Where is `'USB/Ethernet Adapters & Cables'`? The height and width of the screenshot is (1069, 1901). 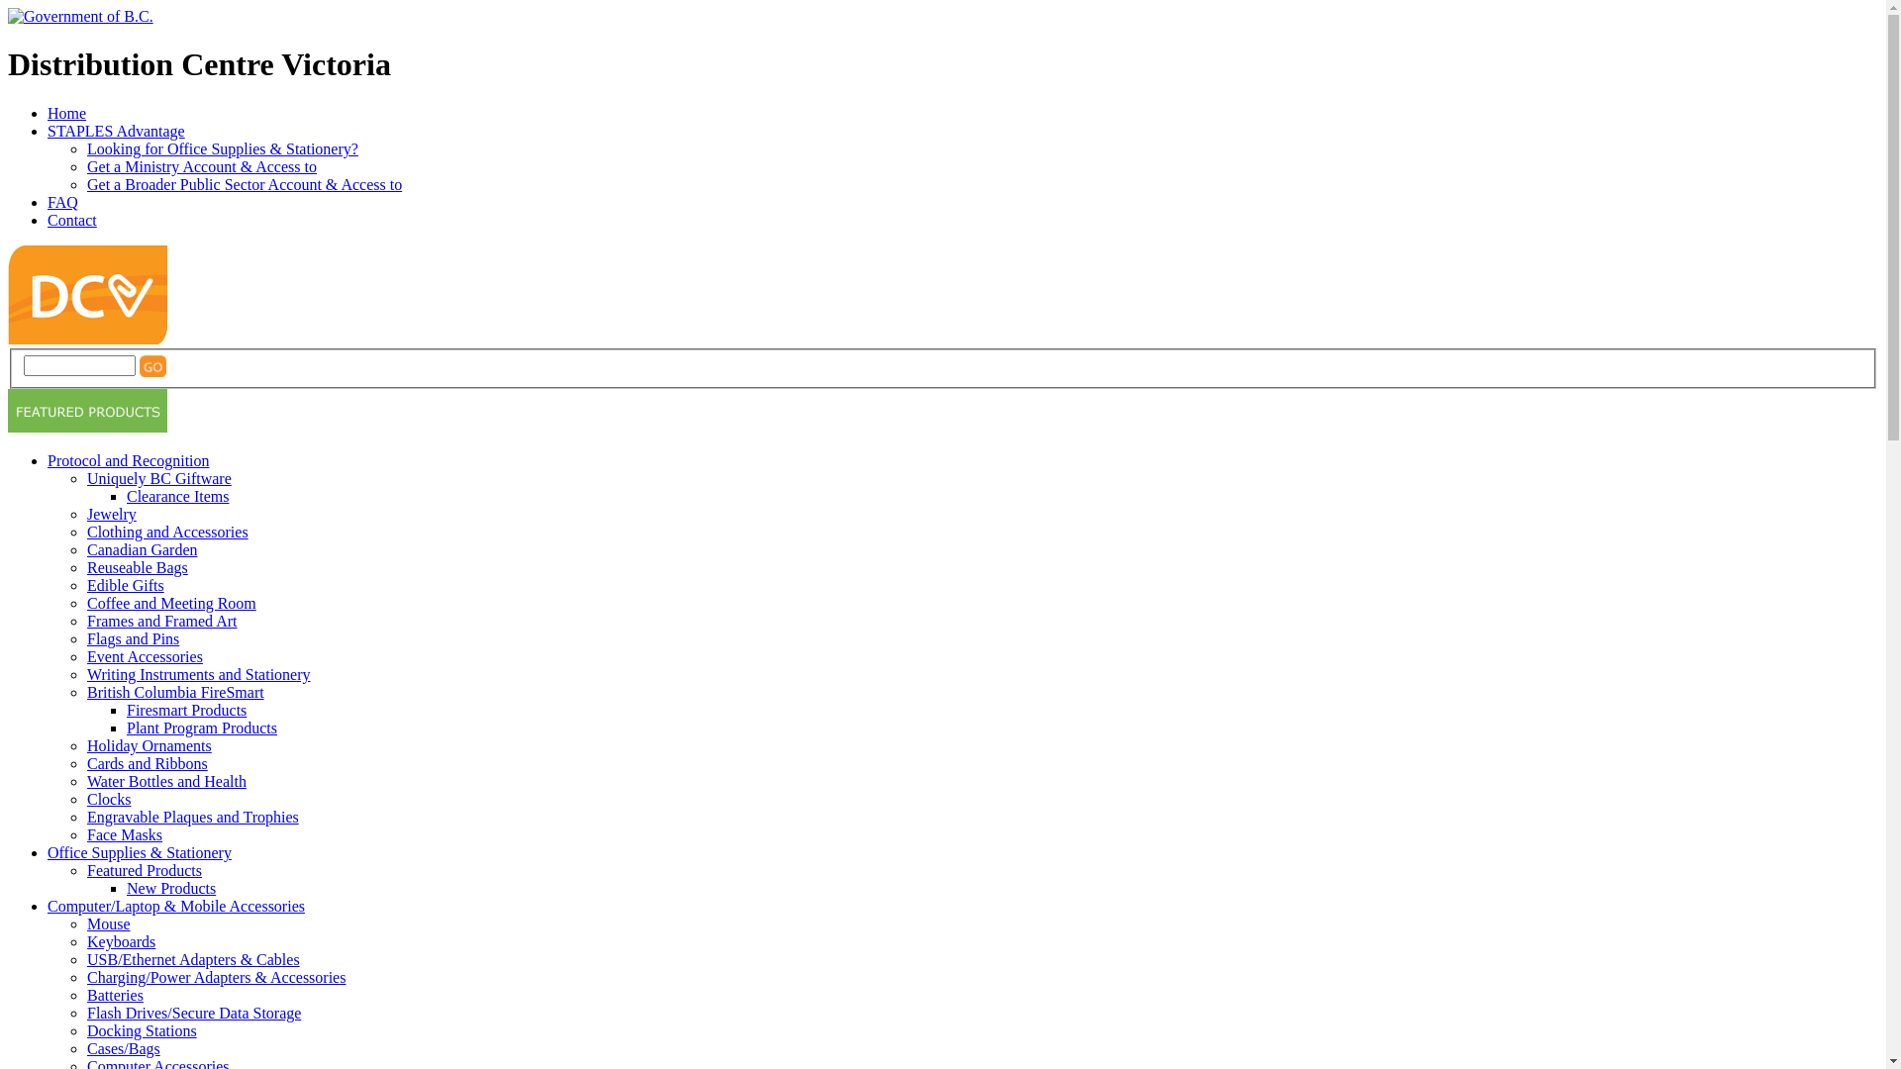 'USB/Ethernet Adapters & Cables' is located at coordinates (85, 958).